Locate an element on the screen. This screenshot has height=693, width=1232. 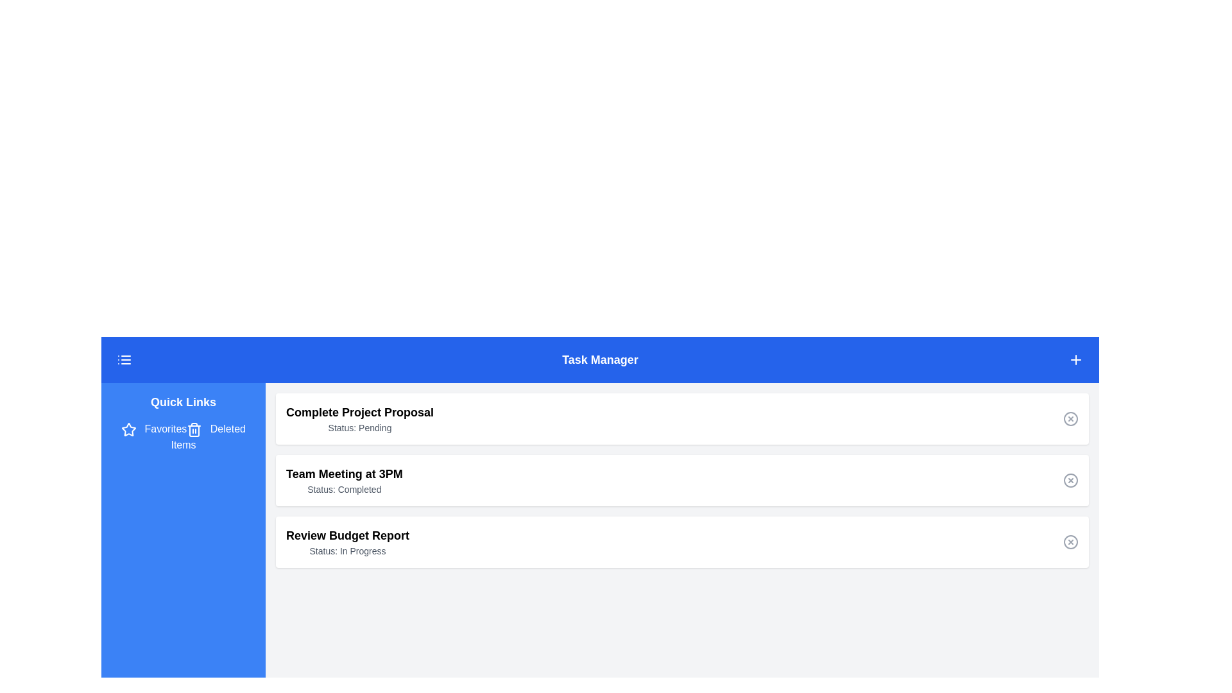
the star-shaped icon with a blue fill and white border in the 'Quick Links' section, which is the first icon to the left of the 'Favorites' label is located at coordinates (129, 429).